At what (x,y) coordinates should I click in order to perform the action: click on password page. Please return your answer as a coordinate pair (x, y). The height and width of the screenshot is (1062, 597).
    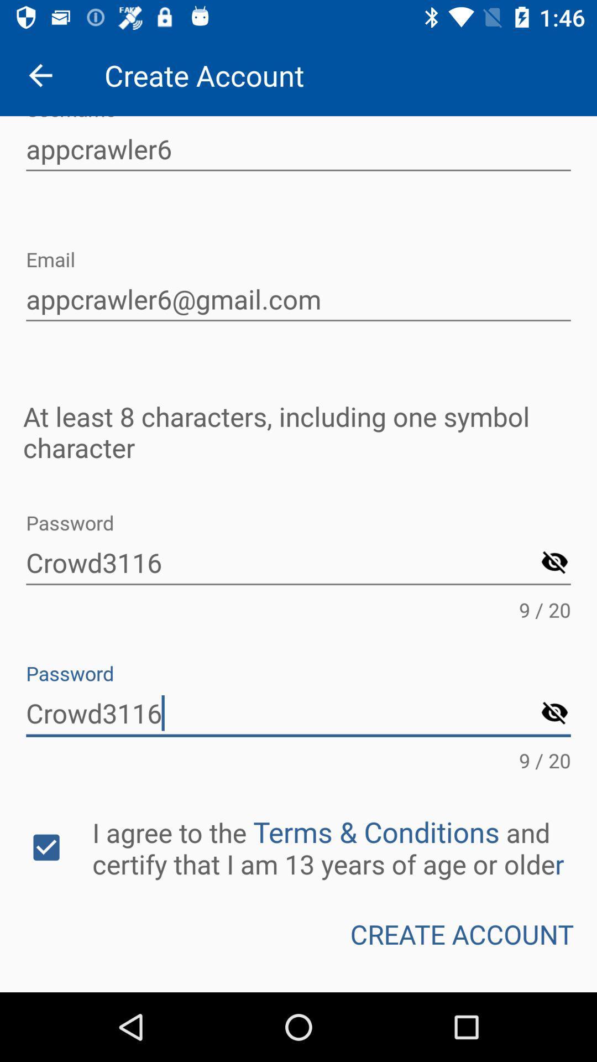
    Looking at the image, I should click on (554, 563).